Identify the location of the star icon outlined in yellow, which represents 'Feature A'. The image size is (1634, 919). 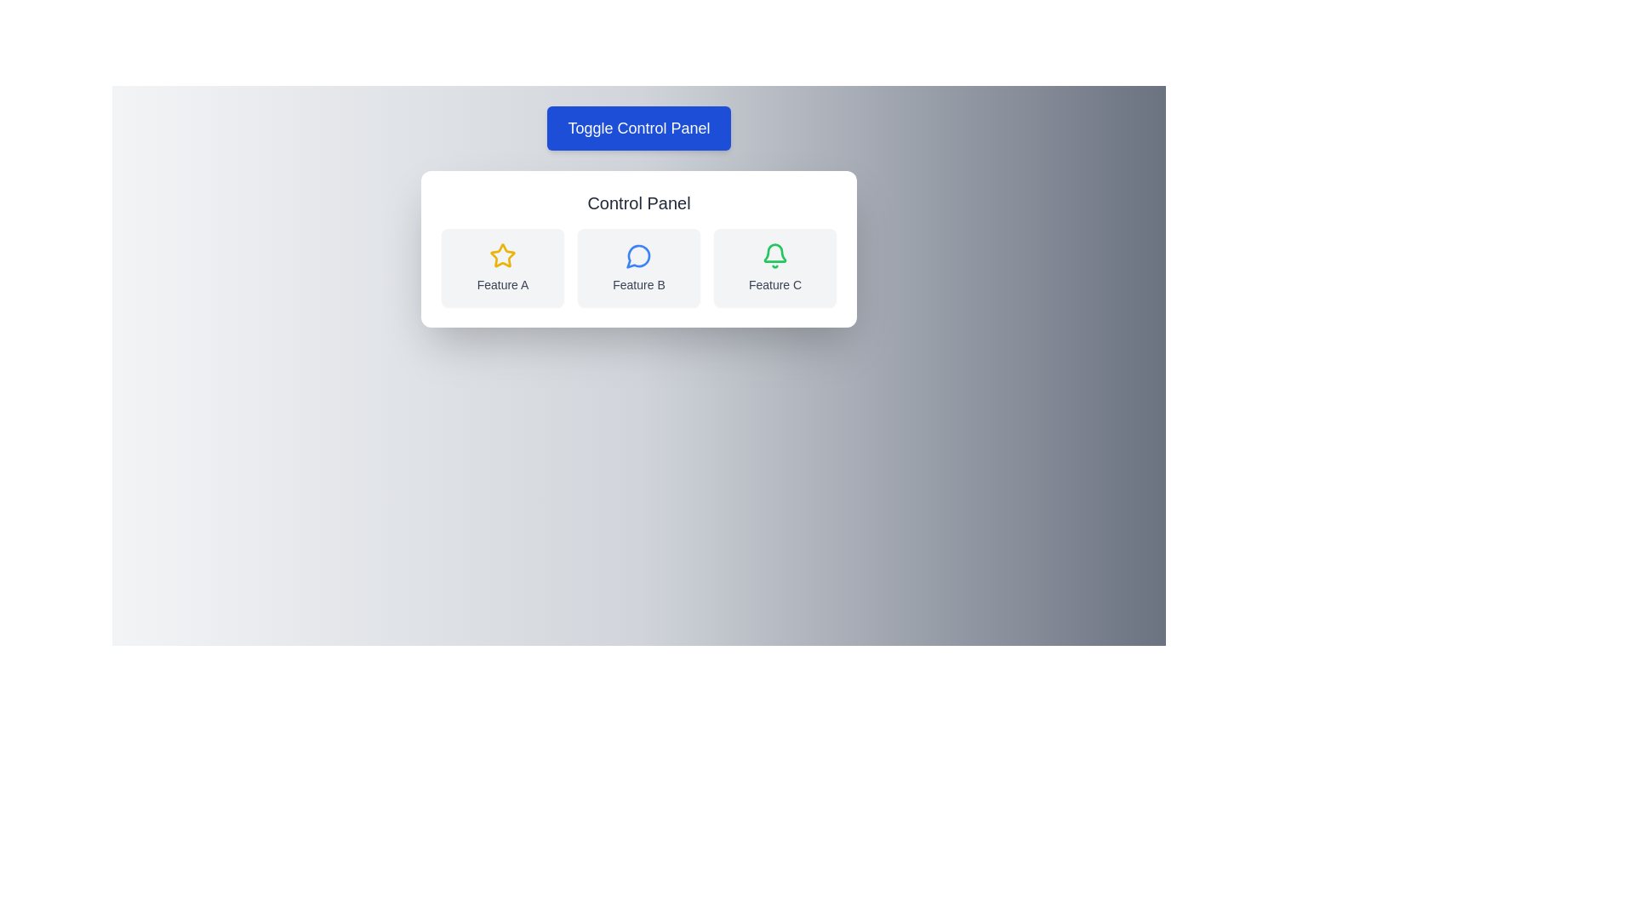
(501, 255).